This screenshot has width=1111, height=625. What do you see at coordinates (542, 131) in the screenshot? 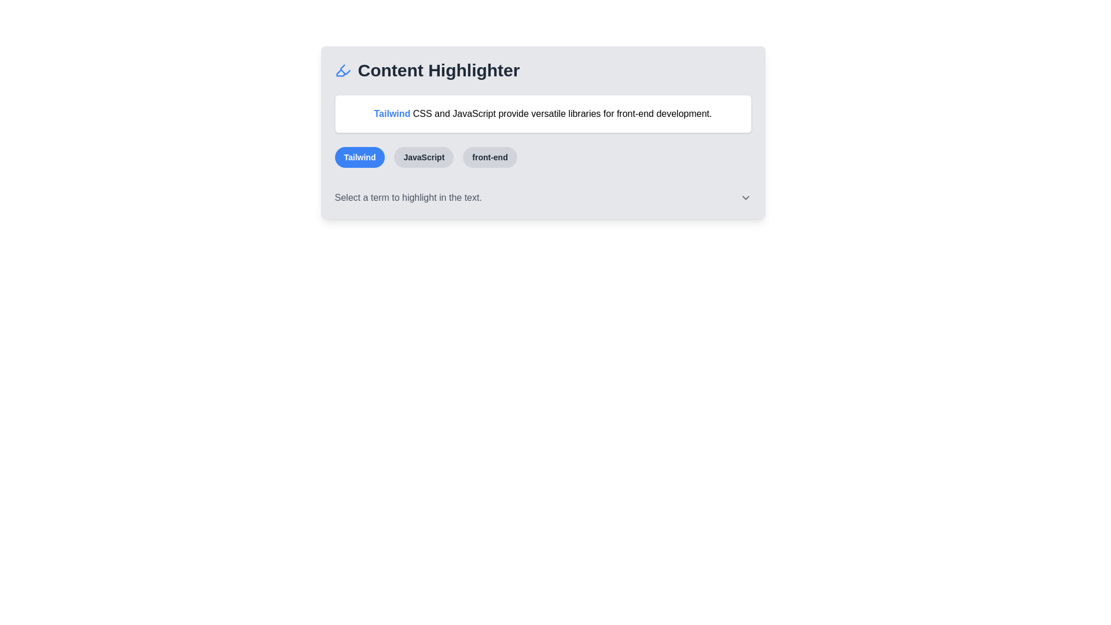
I see `the text block containing the descriptive text 'Tailwind CSS and JavaScript provide versatile libraries for front-end development.' which is located centrally below the title 'Content Highlighter' within the card-like component` at bounding box center [542, 131].